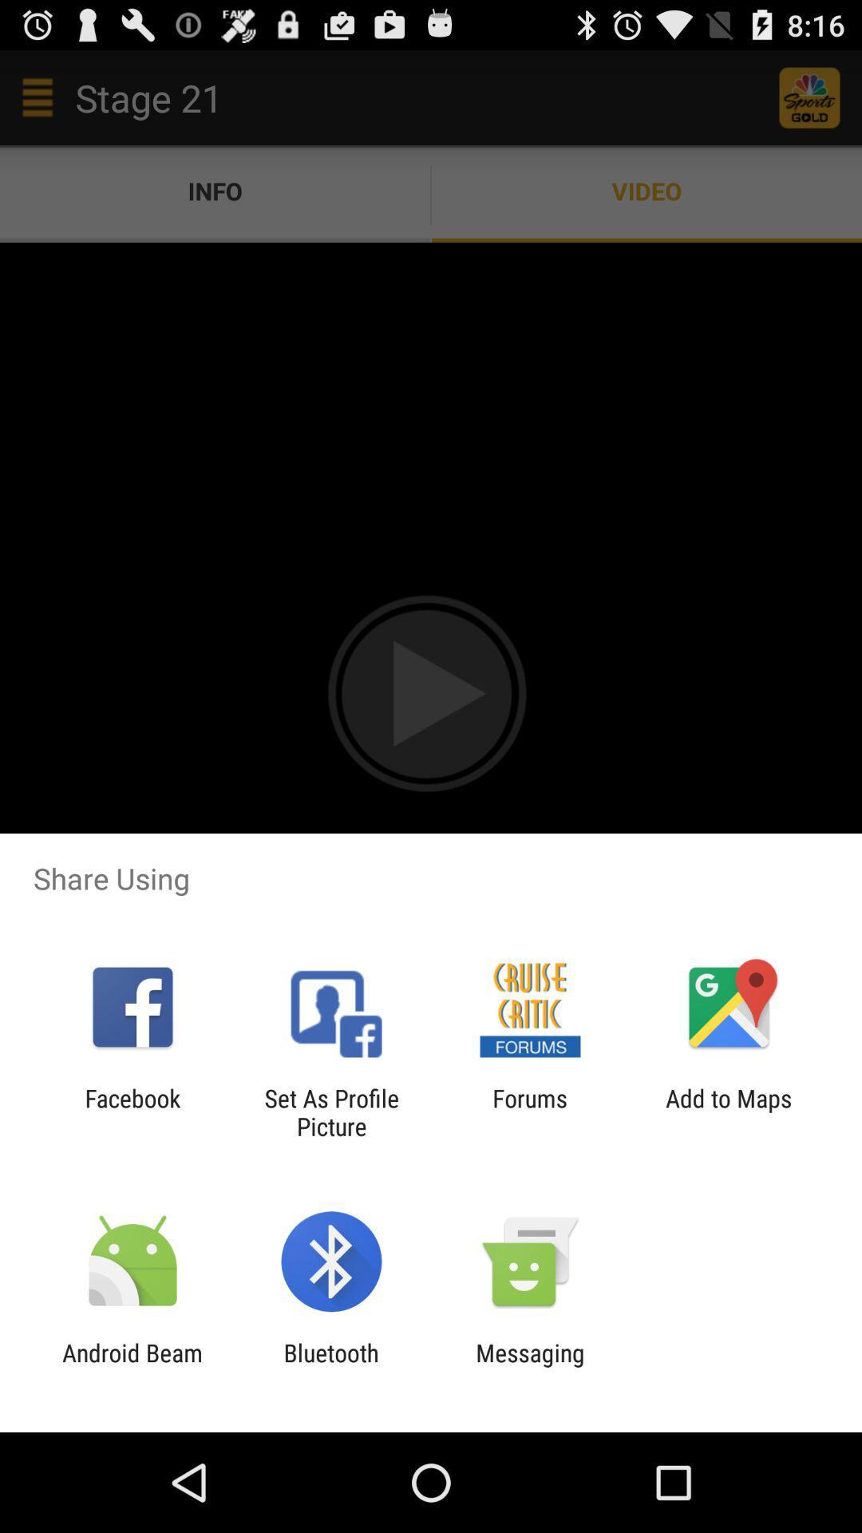 The image size is (862, 1533). What do you see at coordinates (729, 1111) in the screenshot?
I see `icon at the bottom right corner` at bounding box center [729, 1111].